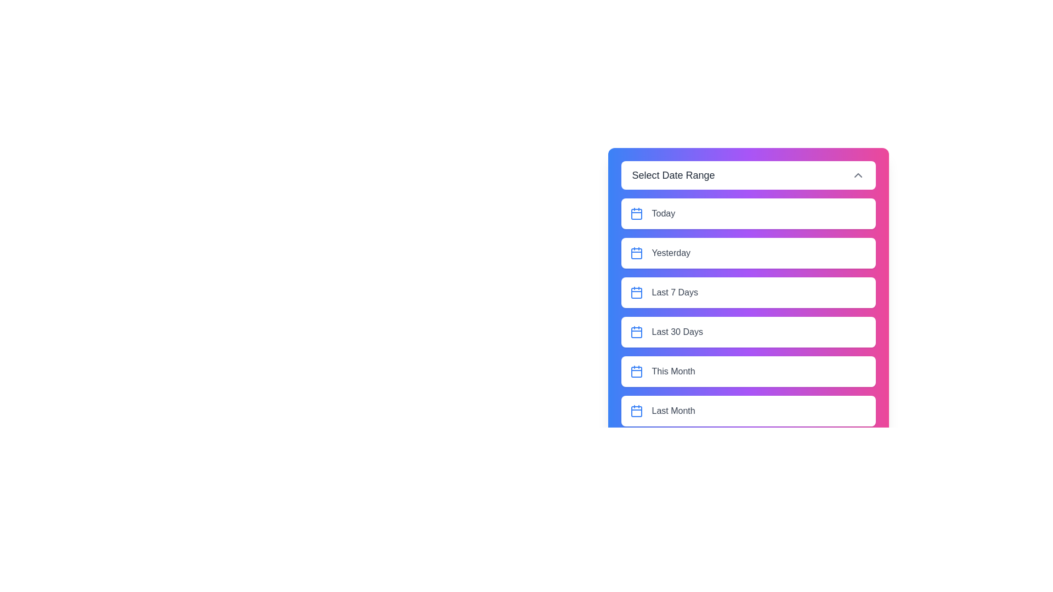 The width and height of the screenshot is (1053, 592). Describe the element at coordinates (636, 292) in the screenshot. I see `the icon next to the date range Last 7 Days` at that location.